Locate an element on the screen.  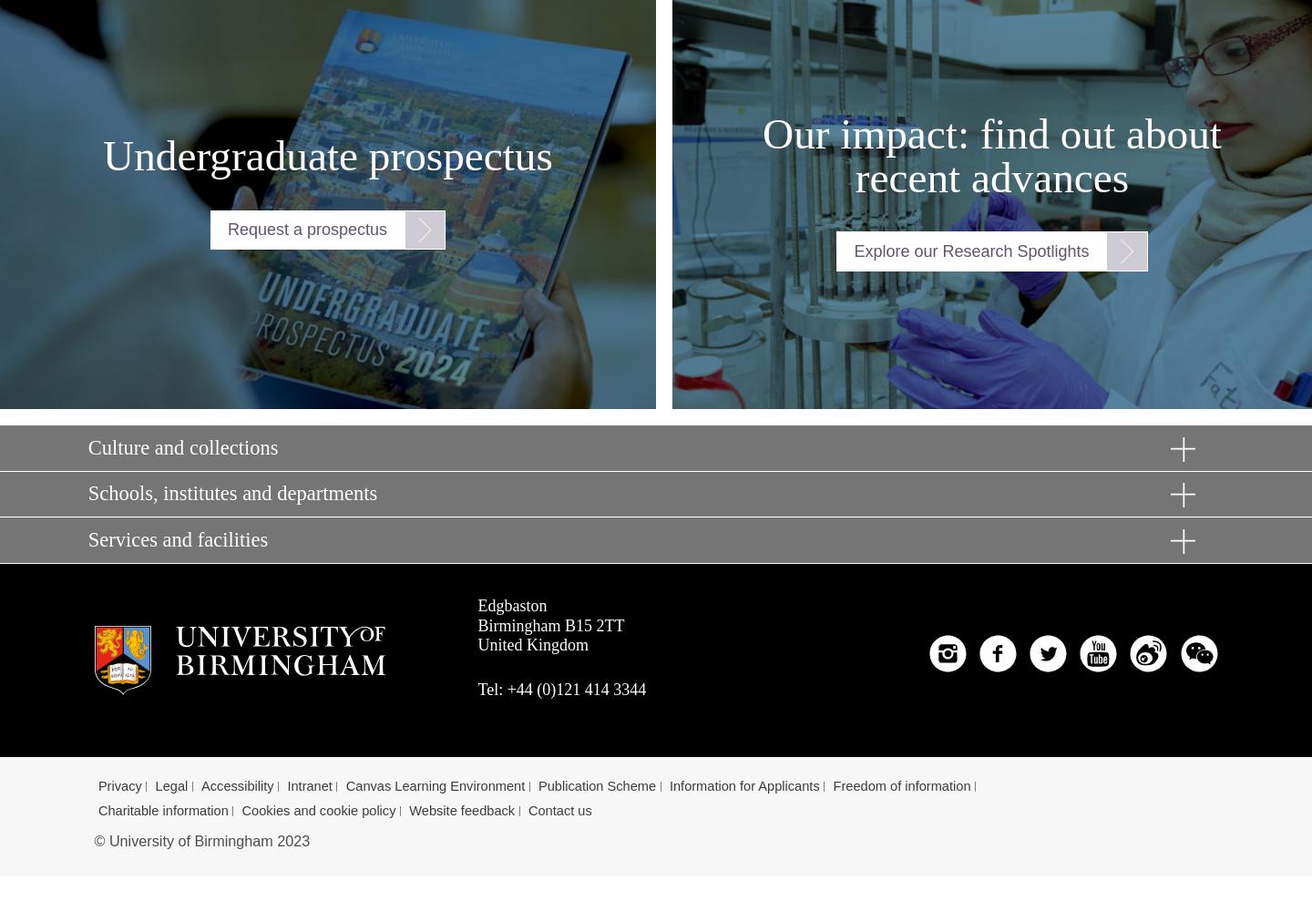
'Schools, institutes and departments' is located at coordinates (231, 493).